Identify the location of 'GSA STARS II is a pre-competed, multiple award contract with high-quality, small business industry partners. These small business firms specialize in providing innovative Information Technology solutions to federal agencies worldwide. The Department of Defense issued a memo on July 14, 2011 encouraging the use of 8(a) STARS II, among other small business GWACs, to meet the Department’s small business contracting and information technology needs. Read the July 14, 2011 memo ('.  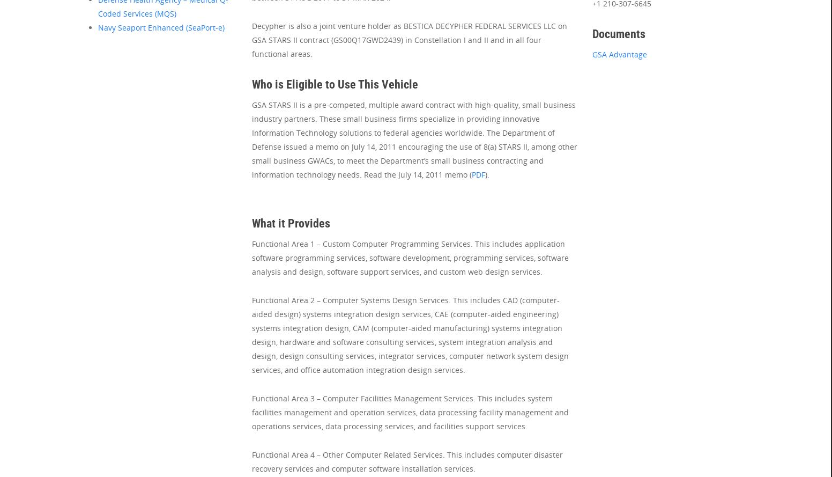
(414, 140).